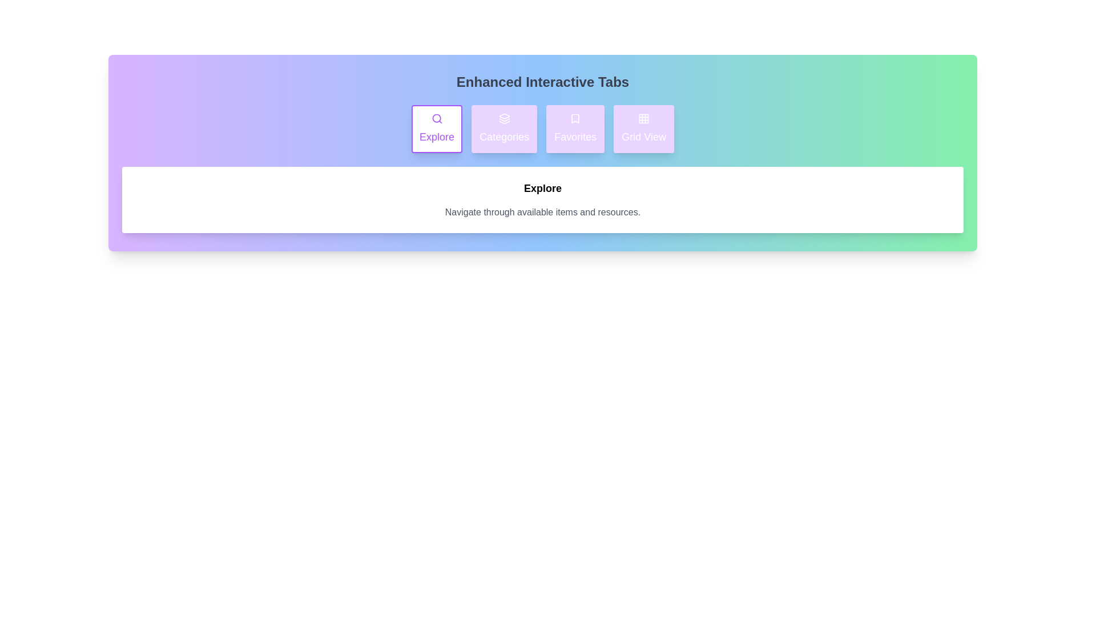  I want to click on the 'Grid View' tab to activate it, so click(644, 129).